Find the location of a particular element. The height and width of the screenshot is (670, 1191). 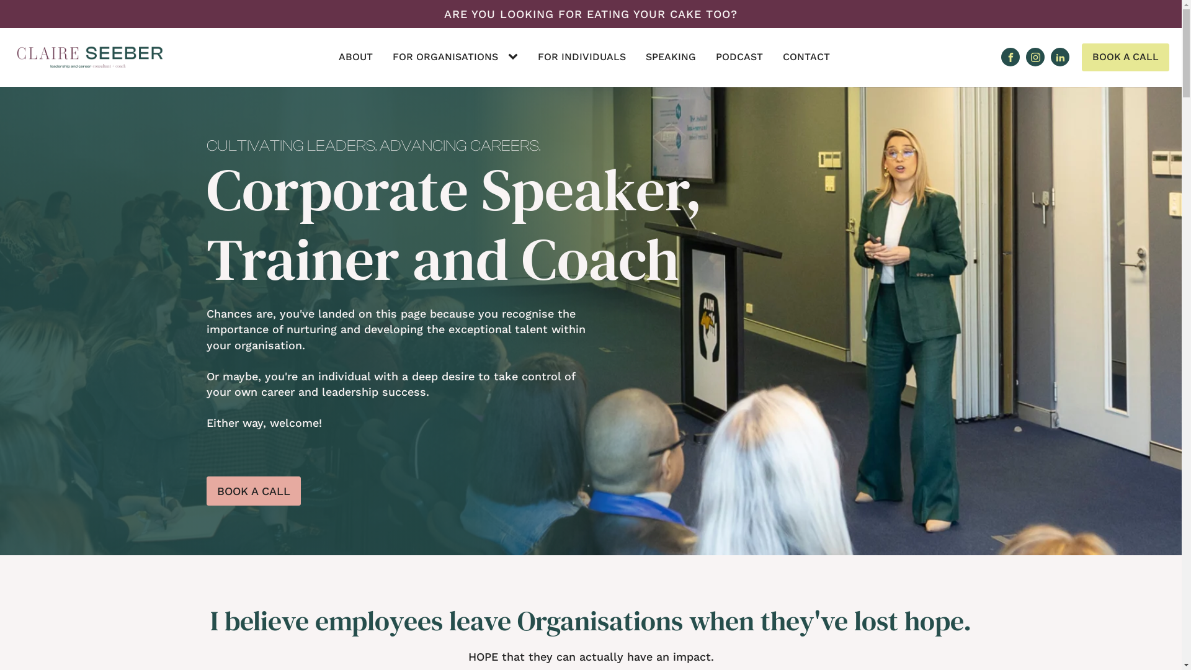

'SPEAKING' is located at coordinates (670, 57).